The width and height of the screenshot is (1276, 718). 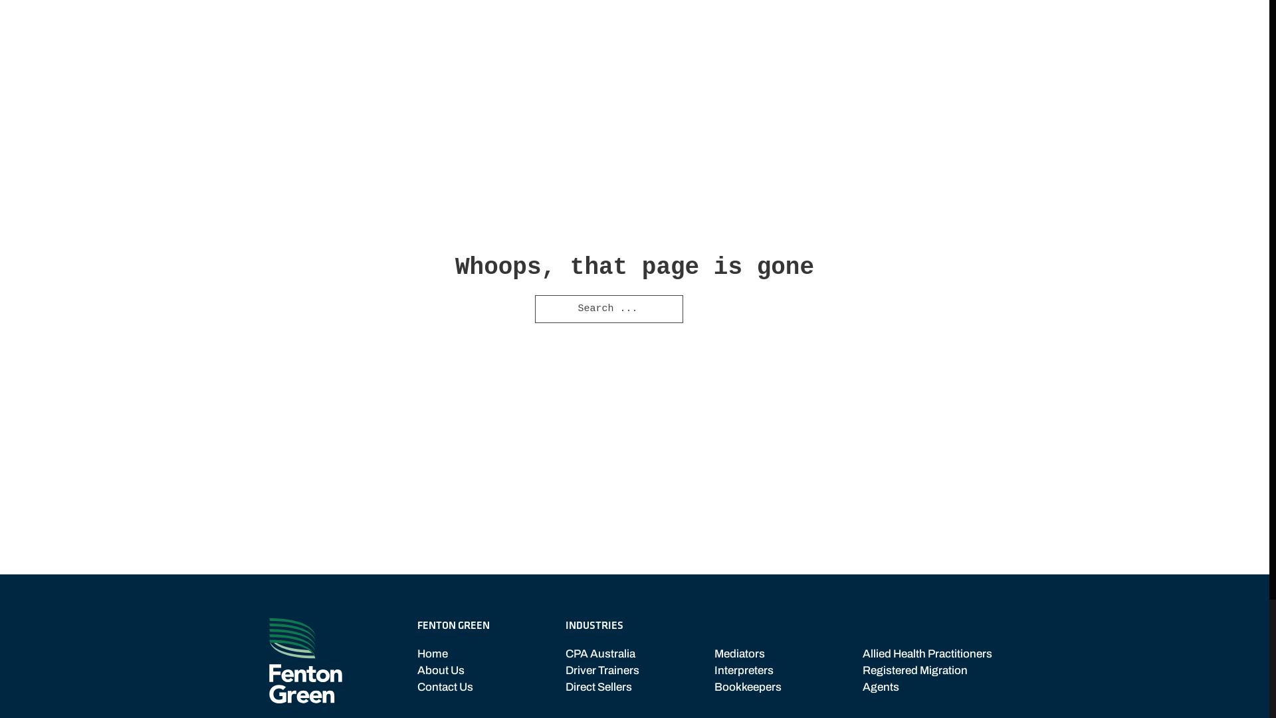 I want to click on 'HOME', so click(x=674, y=26).